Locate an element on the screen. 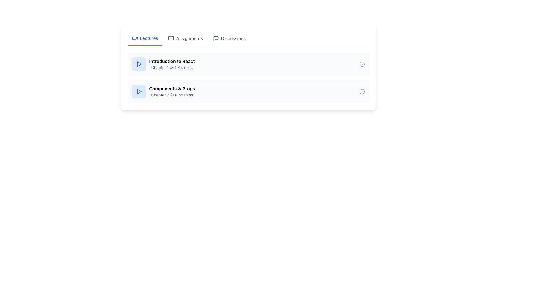  the blue video camera icon located to the left of the 'Lectures' label in the upper portion of the display content area is located at coordinates (134, 38).